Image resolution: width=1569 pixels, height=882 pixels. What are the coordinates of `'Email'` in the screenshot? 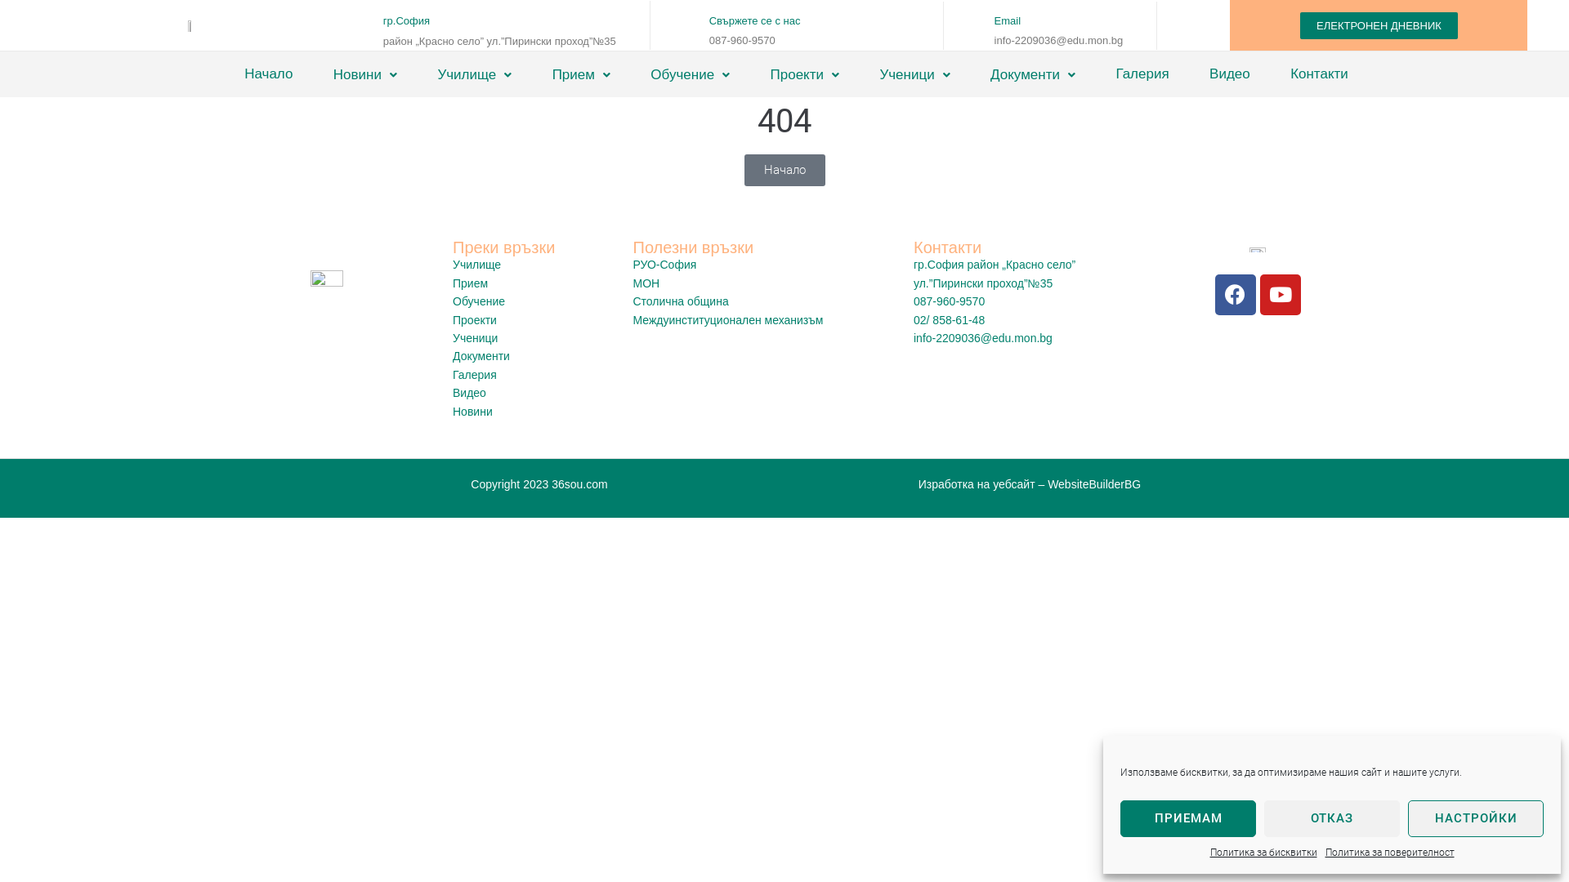 It's located at (1007, 20).